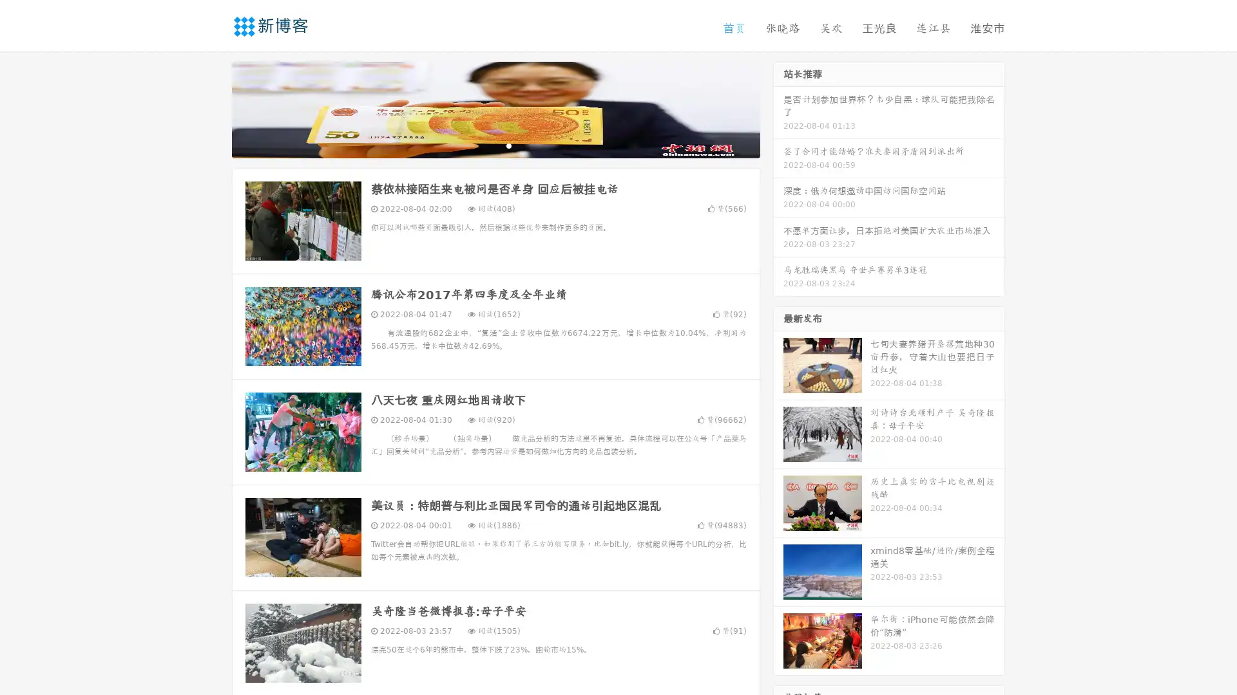  Describe the element at coordinates (778, 108) in the screenshot. I see `Next slide` at that location.